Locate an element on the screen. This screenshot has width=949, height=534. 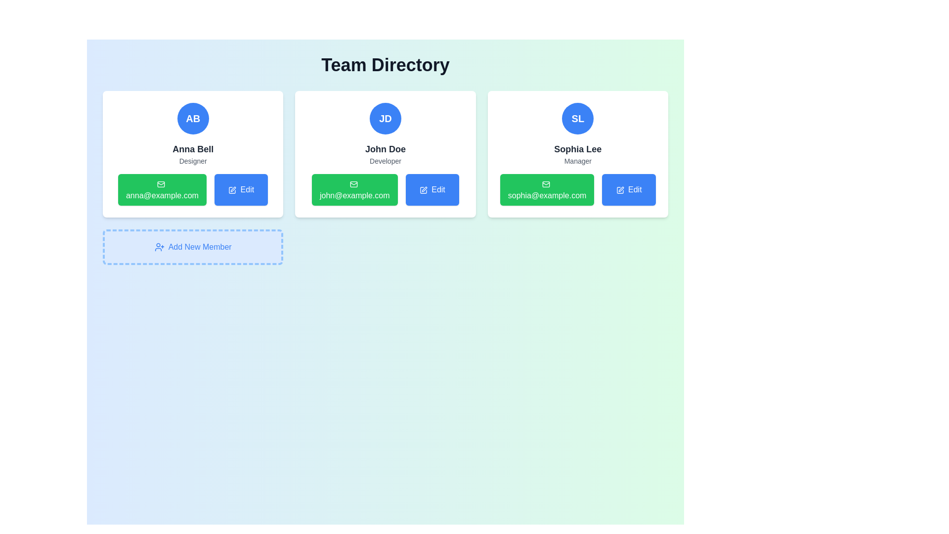
the third team member's card in the grid layout under the 'Team Directory' to activate visual feedback is located at coordinates (578, 154).